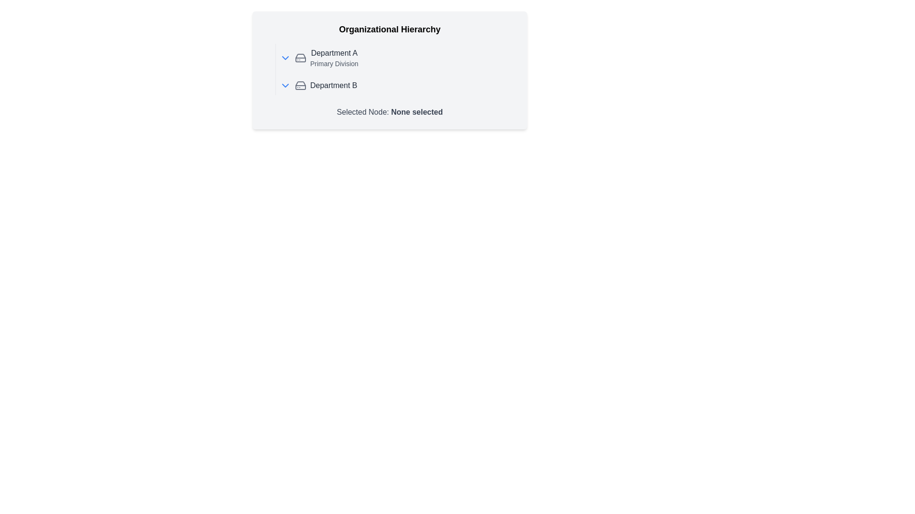 This screenshot has width=915, height=514. What do you see at coordinates (389, 111) in the screenshot?
I see `the text label that indicates the currently selected node in the organizational hierarchy, located at the bottom of the hierarchy card below 'Department B'` at bounding box center [389, 111].